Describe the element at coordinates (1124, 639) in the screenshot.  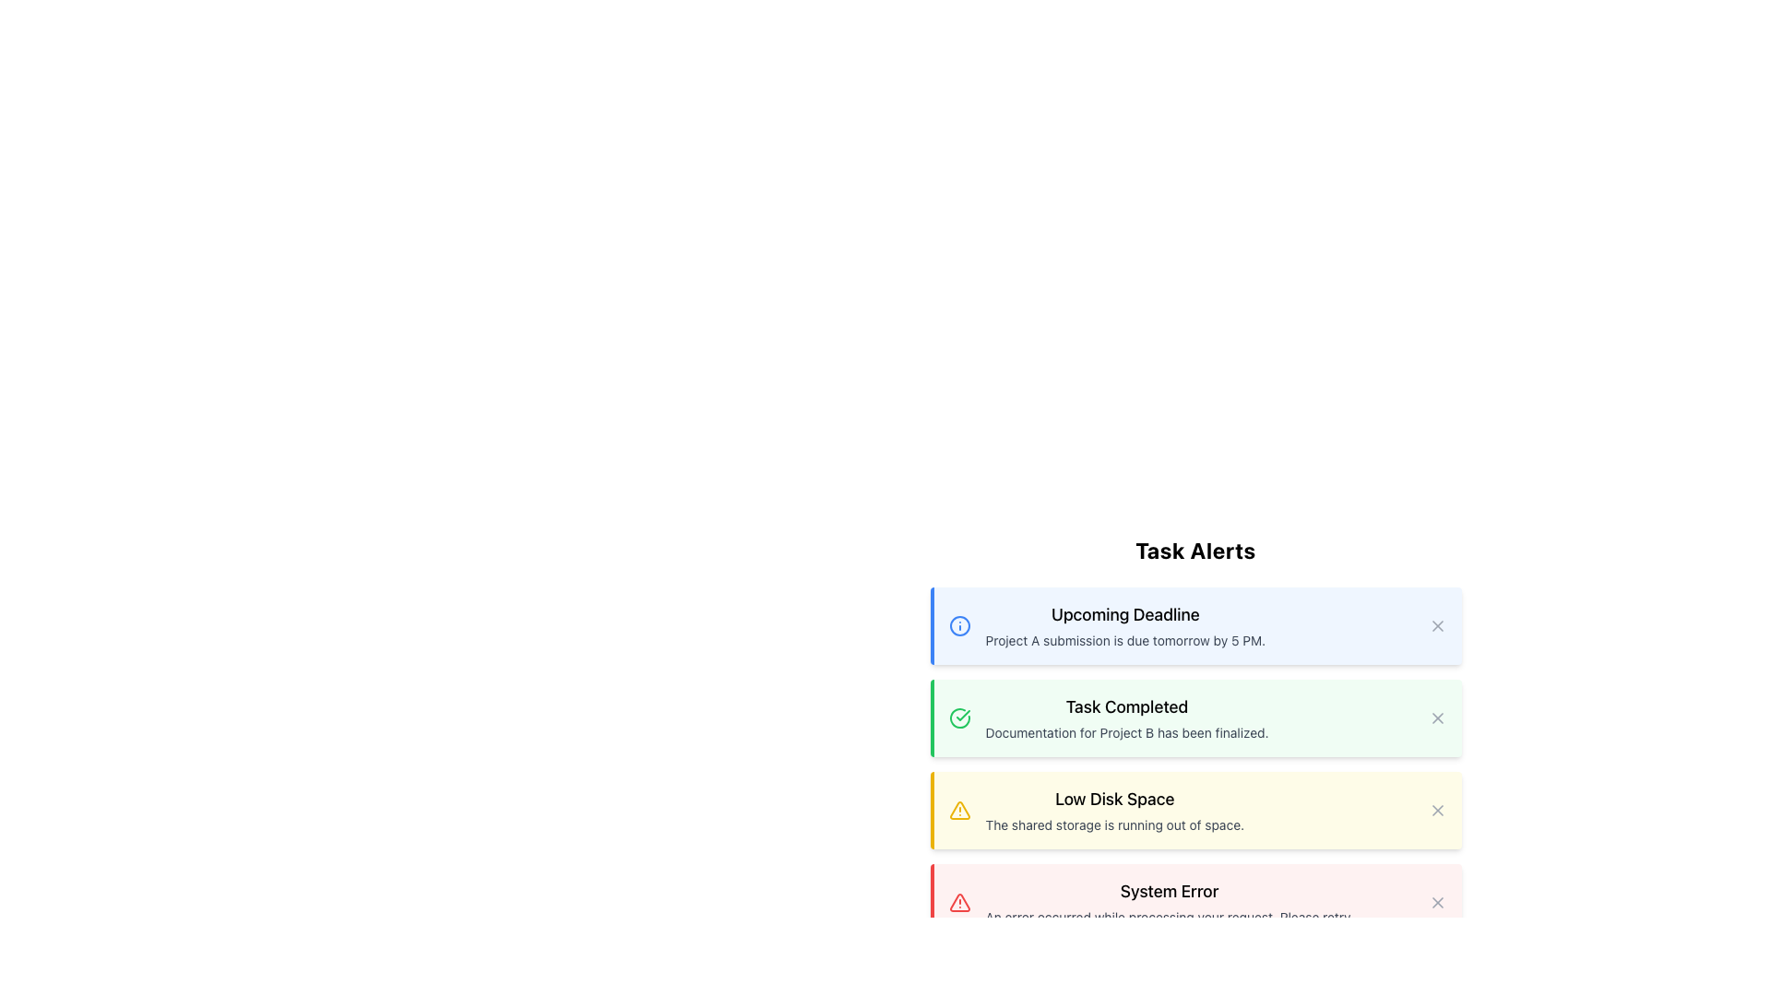
I see `deadline reminder text for 'Project A' displayed in the notification card titled 'Upcoming Deadline', positioned under 'Task Alerts'` at that location.